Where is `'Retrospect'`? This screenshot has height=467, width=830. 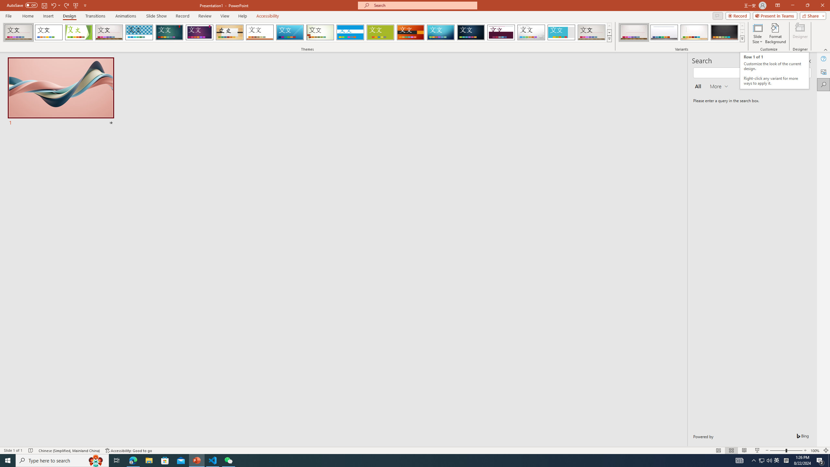
'Retrospect' is located at coordinates (259, 32).